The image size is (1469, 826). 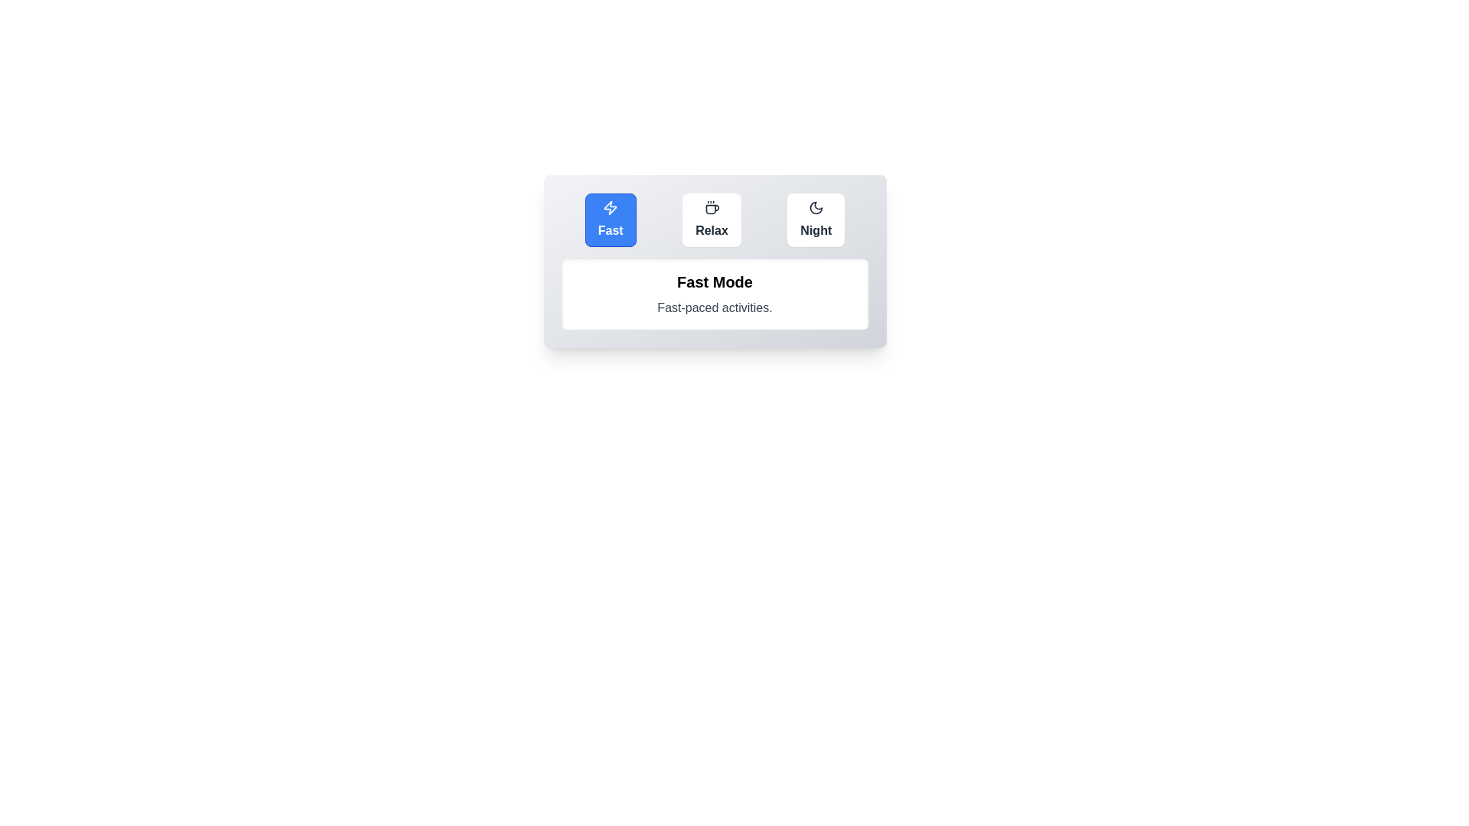 I want to click on Text label displaying 'Relax' that is styled in bold font and is located under the coffee cup icon, centered within the second selectable option box, so click(x=711, y=230).